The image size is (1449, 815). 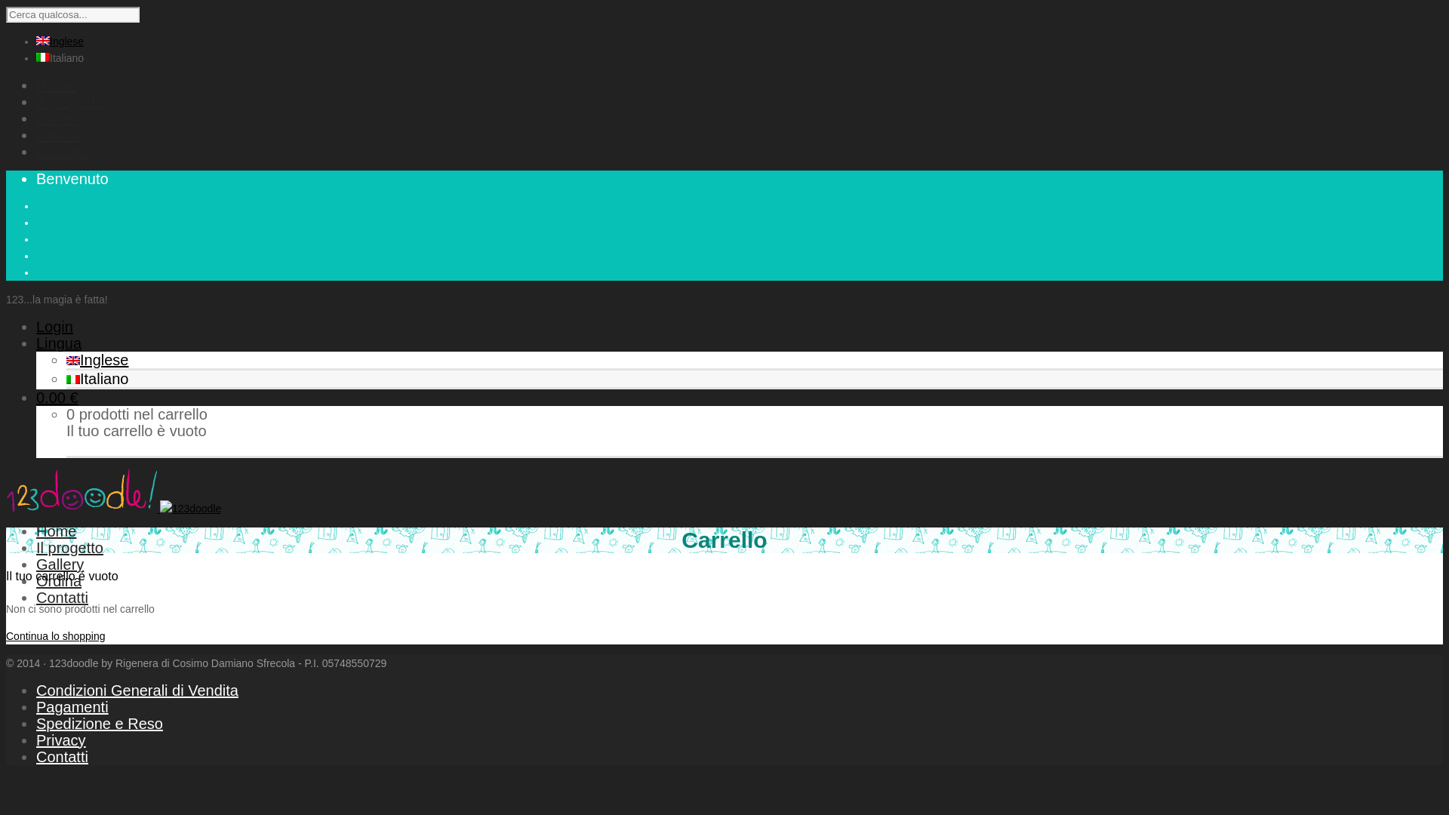 What do you see at coordinates (137, 690) in the screenshot?
I see `'Condizioni Generali di Vendita'` at bounding box center [137, 690].